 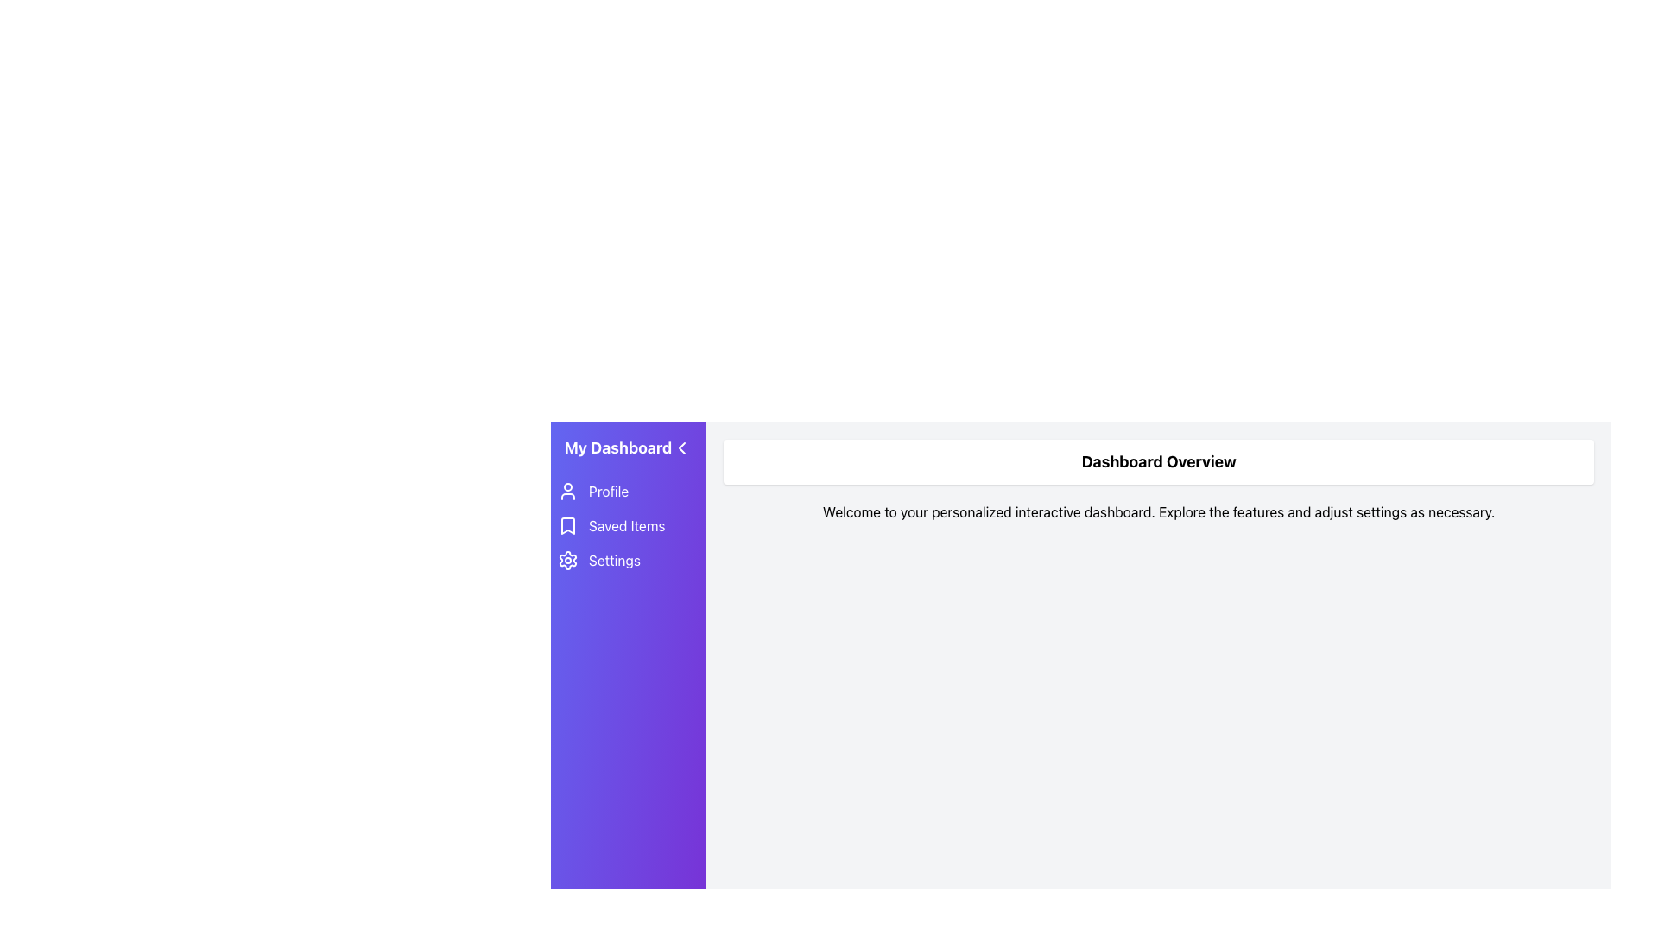 I want to click on the 'Saved Items' icon in the vertical navigation menu, which is positioned between the 'profile' icon above and the 'gear' icon below, so click(x=567, y=525).